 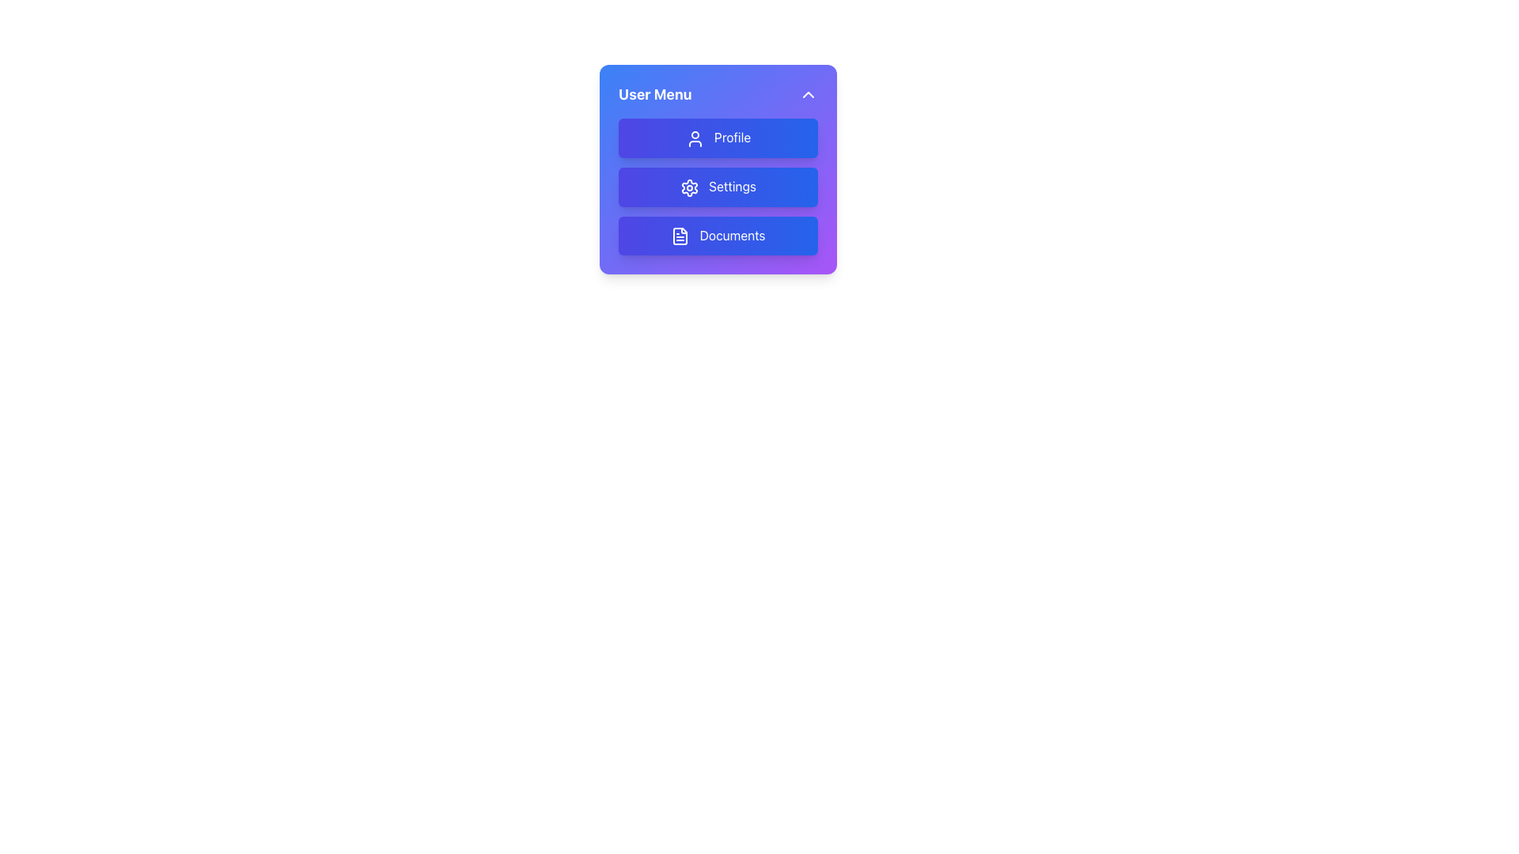 What do you see at coordinates (717, 136) in the screenshot?
I see `the user profile button which is the first button in the vertical list of three buttons, positioned above the 'Settings' and 'Documents' buttons, to trigger the hover state effect` at bounding box center [717, 136].